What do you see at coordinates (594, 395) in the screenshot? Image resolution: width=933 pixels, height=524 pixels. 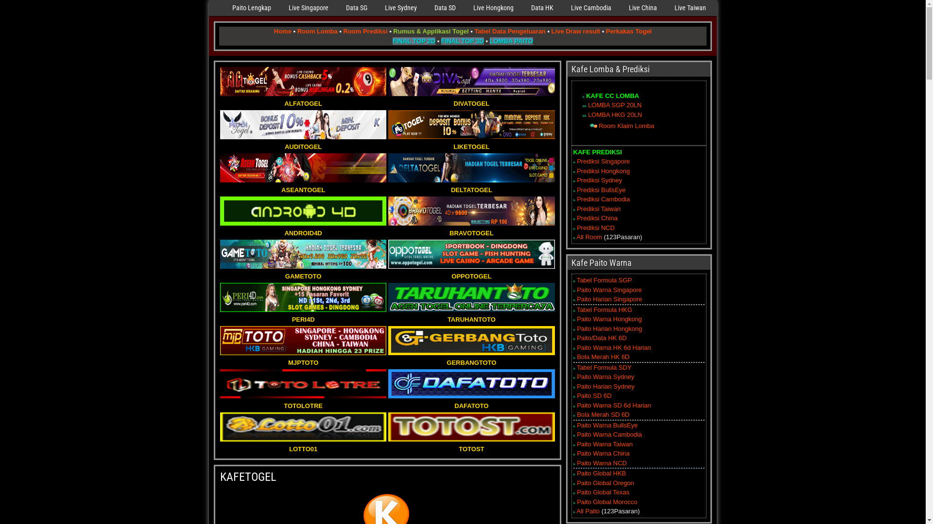 I see `'Paito SD 6D'` at bounding box center [594, 395].